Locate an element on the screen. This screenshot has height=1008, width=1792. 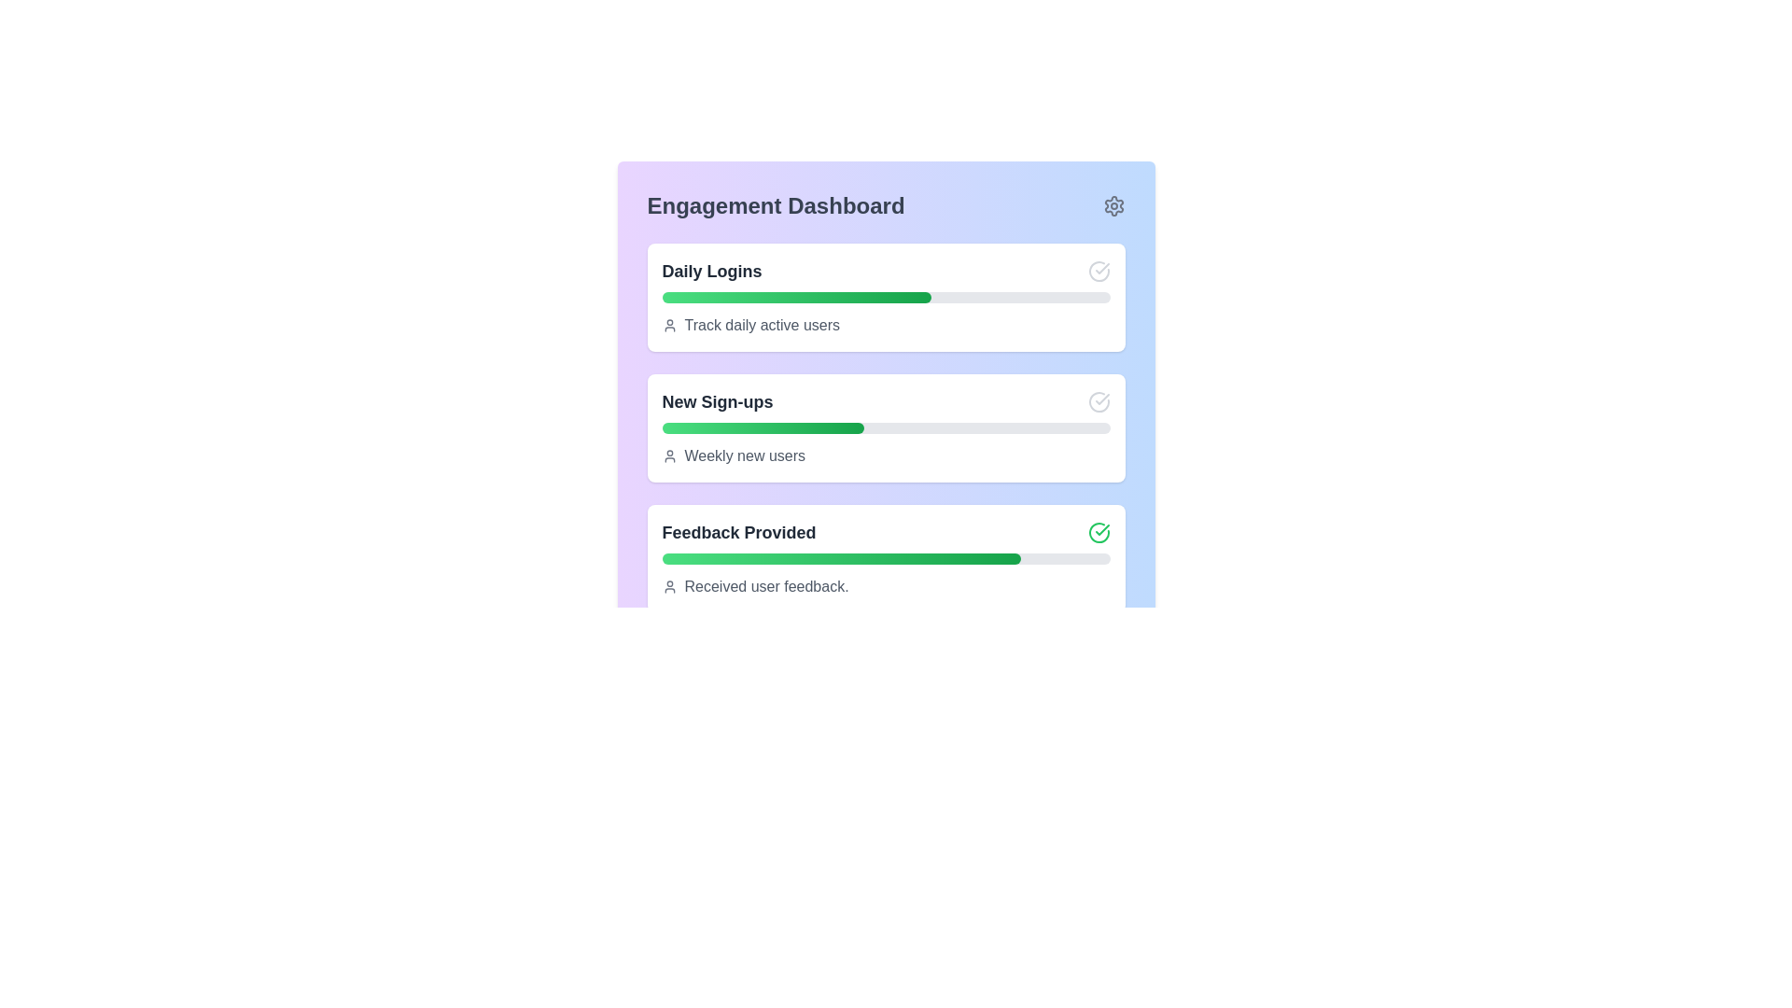
the progress indicator card located at the bottom of the vertical stack in the Engagement Dashboard, which displays feedback-related metrics is located at coordinates (885, 557).